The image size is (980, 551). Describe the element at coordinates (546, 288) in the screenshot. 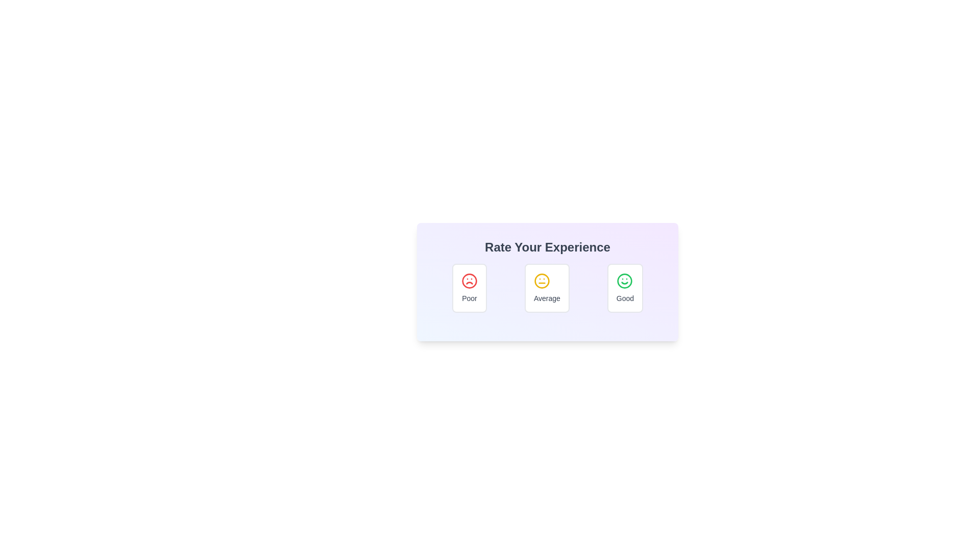

I see `the 'Average' rating button located in the second position of the horizontally aligned group of three rating cards under the 'Rate Your Experience' section` at that location.